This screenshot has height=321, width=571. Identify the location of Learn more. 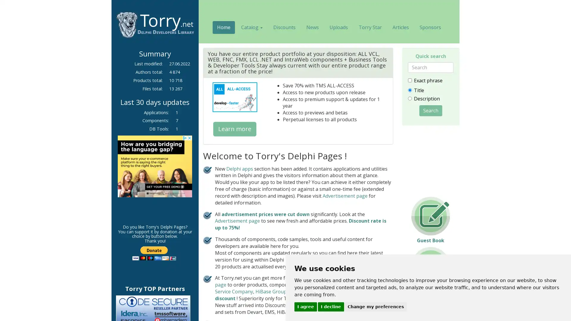
(234, 128).